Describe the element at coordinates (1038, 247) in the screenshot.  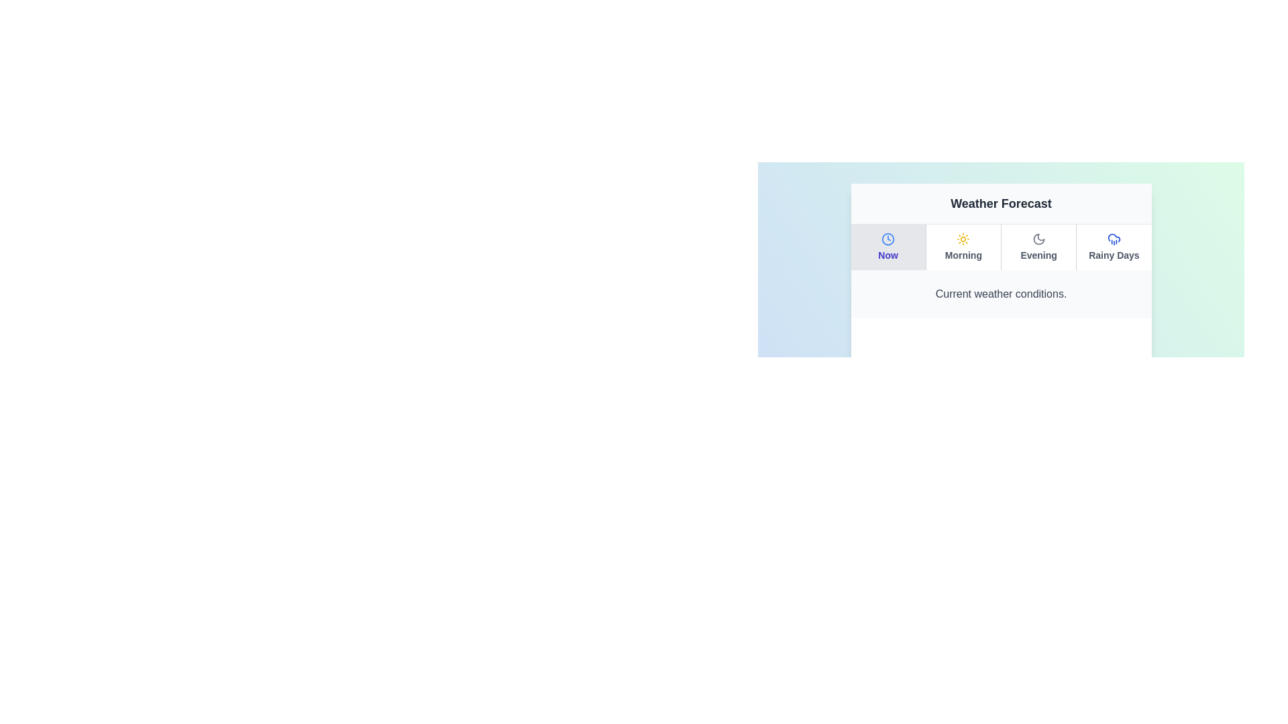
I see `the 'Evening' button in the 'Weather Forecast' section` at that location.